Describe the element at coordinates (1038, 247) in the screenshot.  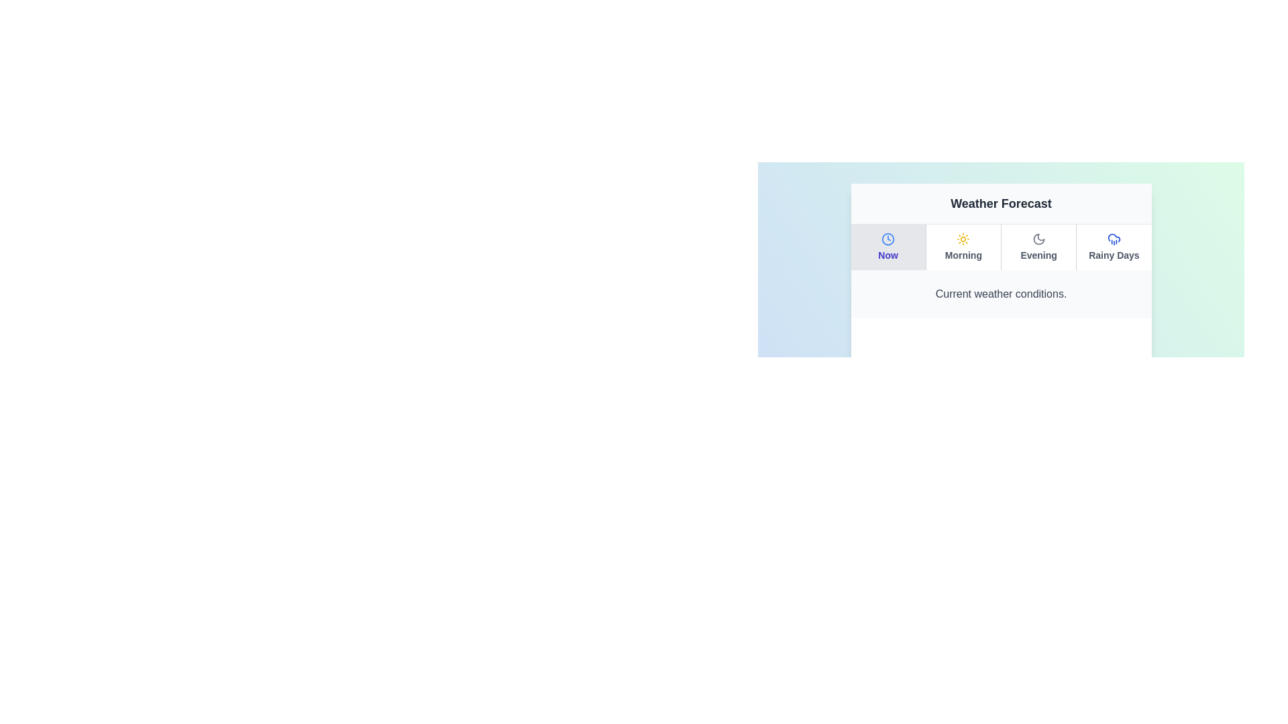
I see `the 'Evening' button in the 'Weather Forecast' section` at that location.